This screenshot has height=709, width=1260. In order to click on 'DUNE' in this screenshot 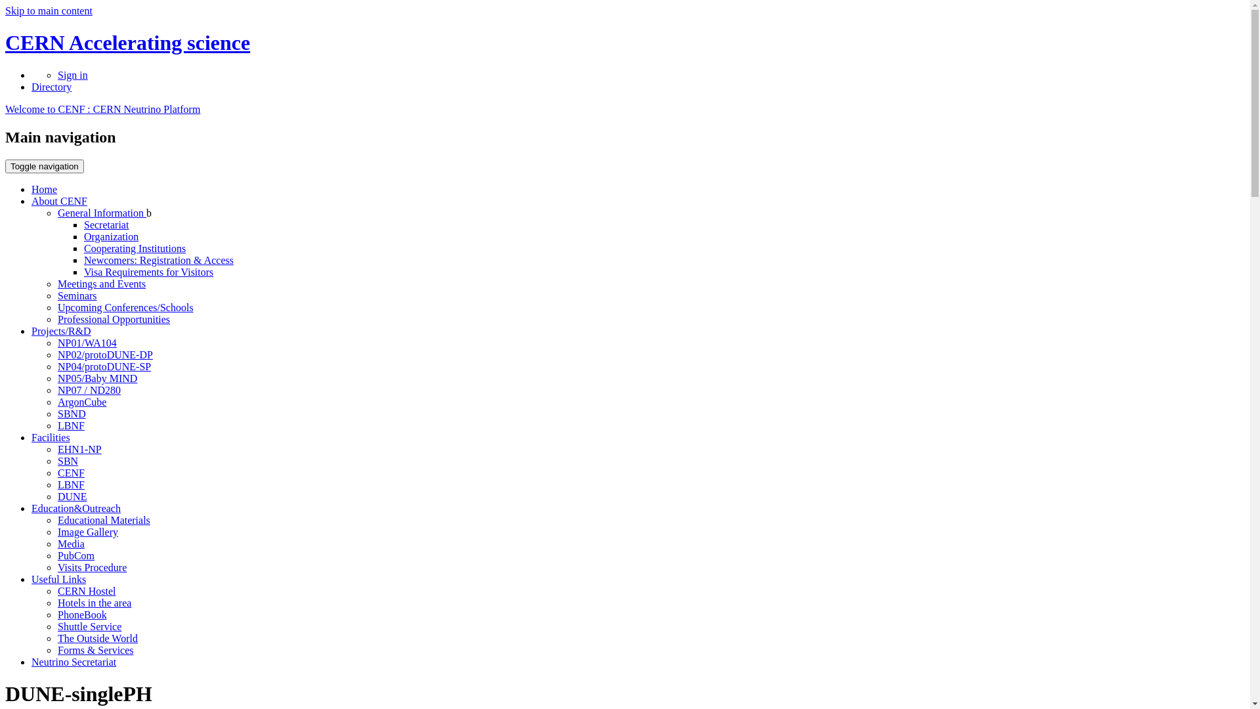, I will do `click(56, 496)`.